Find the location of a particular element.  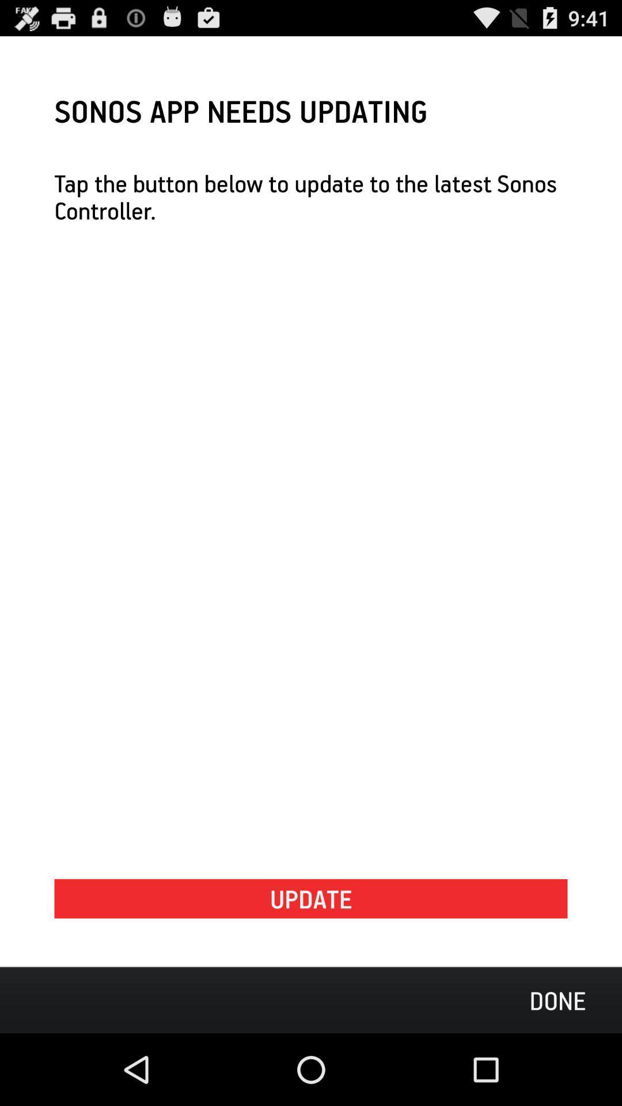

the icon below update icon is located at coordinates (557, 999).